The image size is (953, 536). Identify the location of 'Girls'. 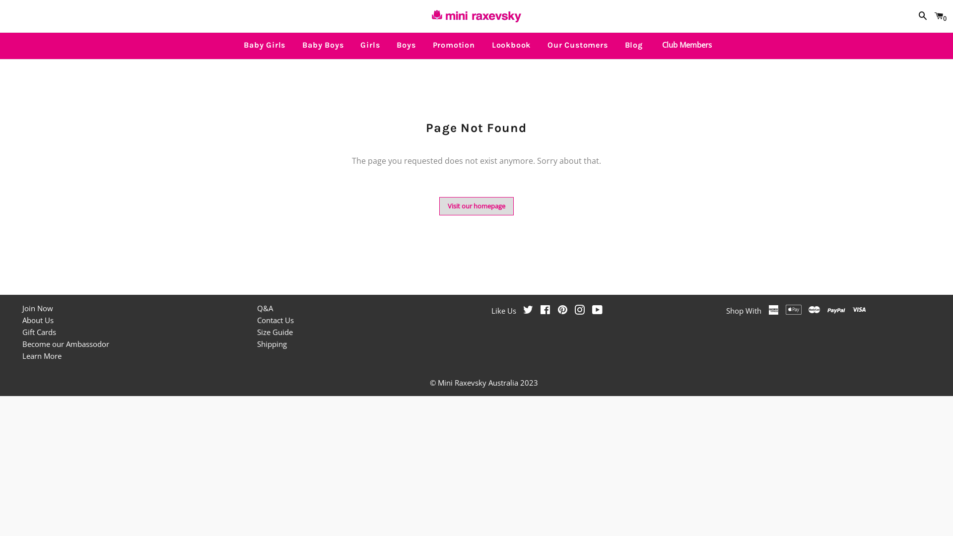
(369, 45).